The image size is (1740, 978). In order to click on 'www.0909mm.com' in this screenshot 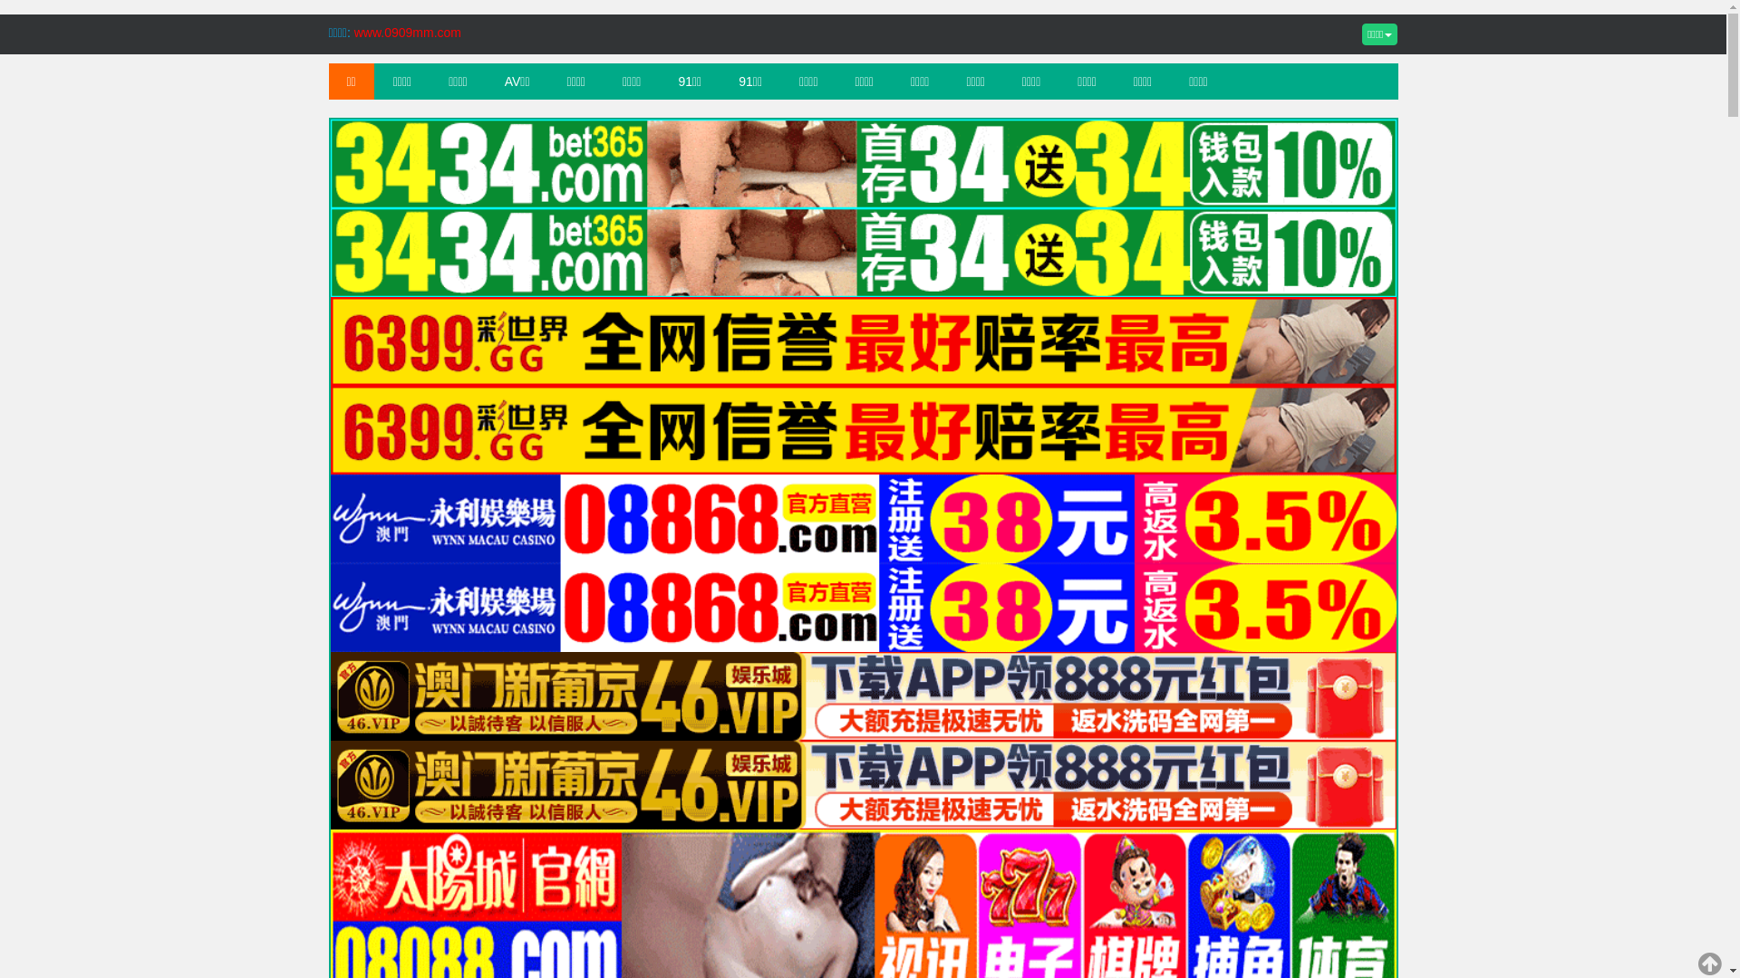, I will do `click(407, 32)`.